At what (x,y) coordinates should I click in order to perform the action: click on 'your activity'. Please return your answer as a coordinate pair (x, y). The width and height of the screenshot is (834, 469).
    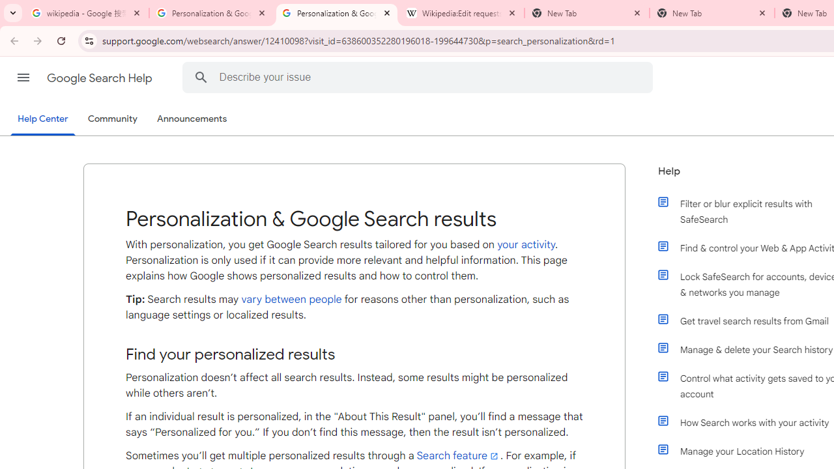
    Looking at the image, I should click on (526, 244).